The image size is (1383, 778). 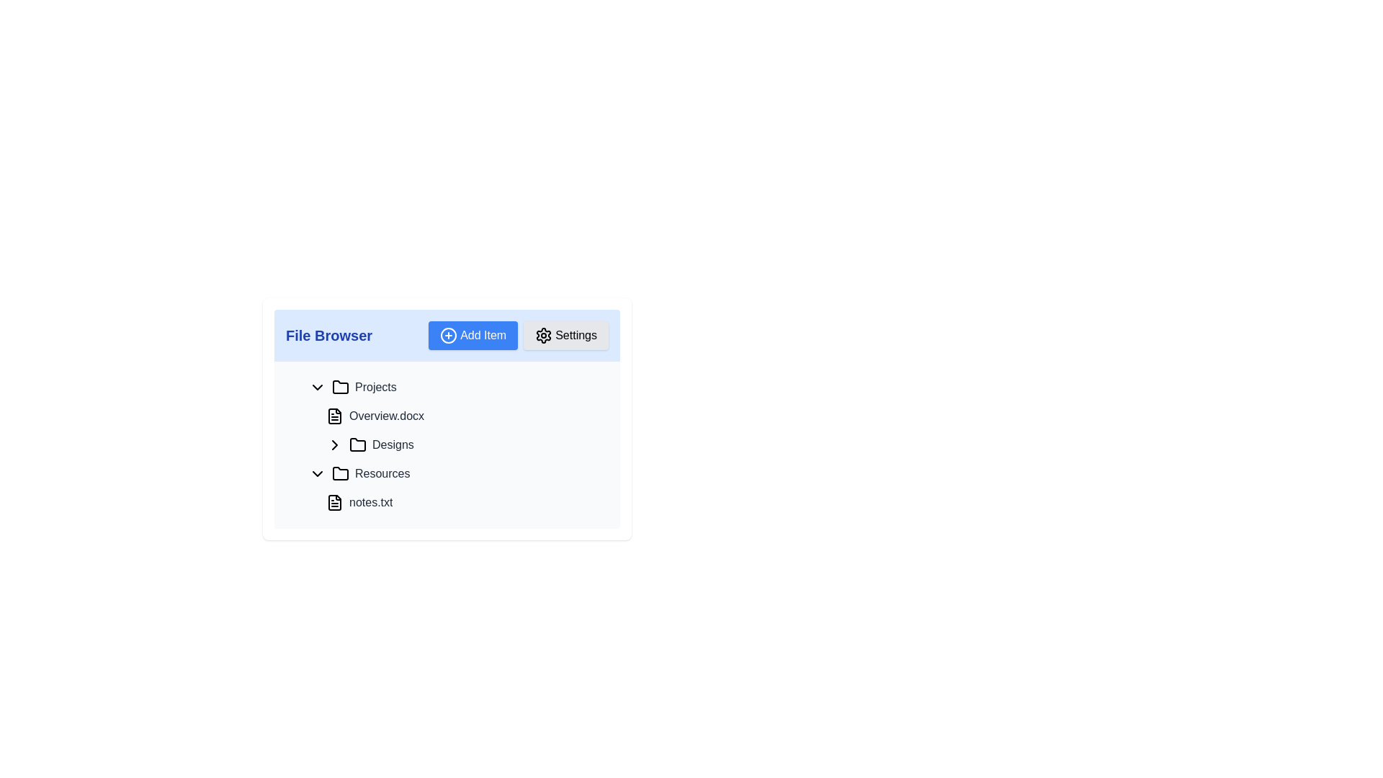 What do you see at coordinates (340, 473) in the screenshot?
I see `the folder icon in the 'Resources' section of the file browser, which has a minimalistic design and is located next to the 'notes.txt' entry` at bounding box center [340, 473].